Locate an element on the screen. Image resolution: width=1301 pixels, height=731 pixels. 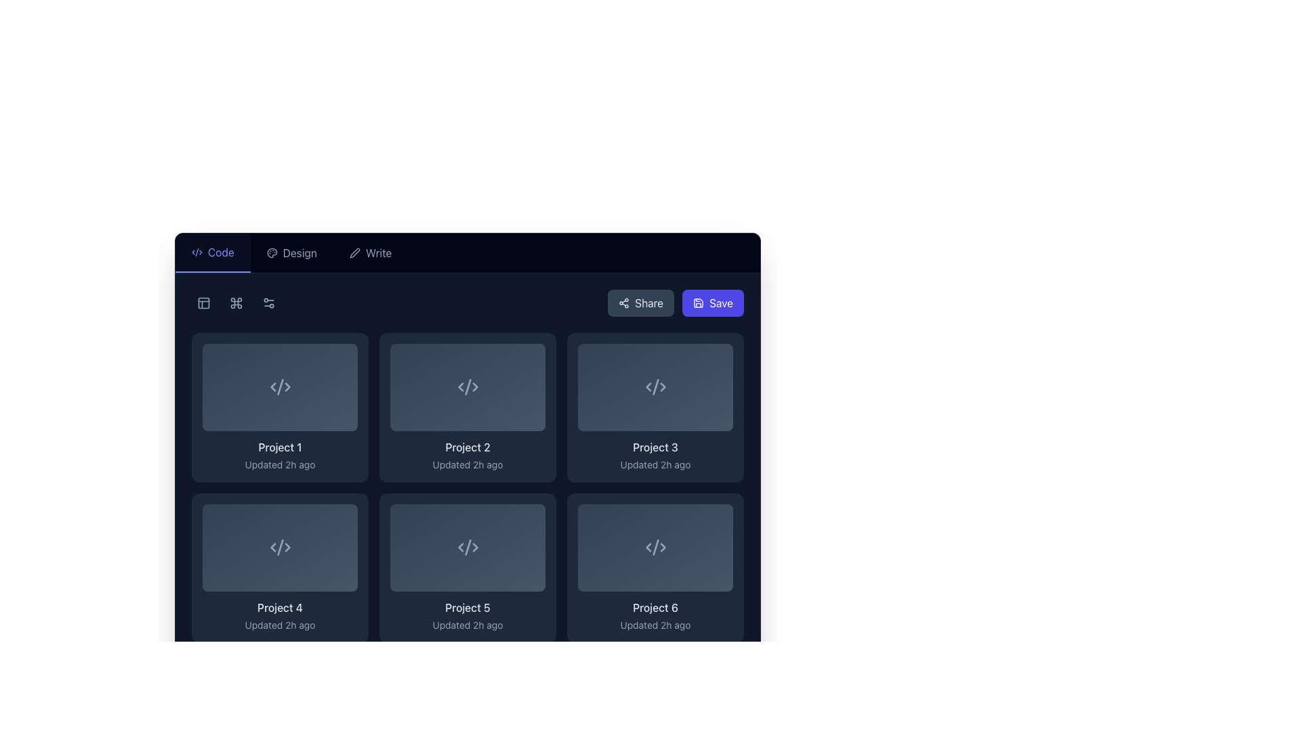
the square icon with rounded corners that features a cross-like symbol, located between two other icons in the upper left region of the interface is located at coordinates (236, 302).